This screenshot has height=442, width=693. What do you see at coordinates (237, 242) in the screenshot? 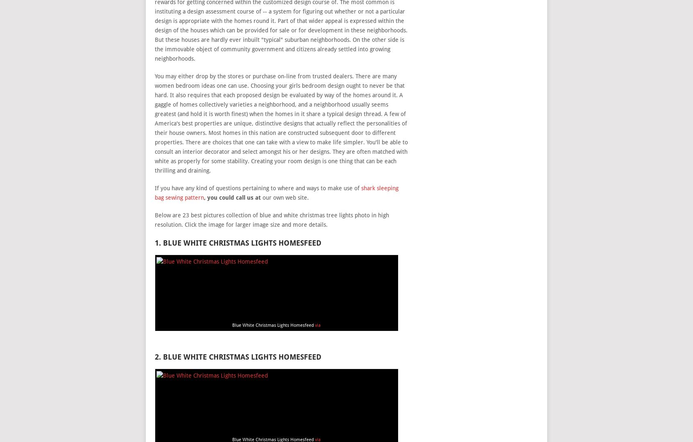
I see `'1. Blue White Christmas Lights Homesfeed'` at bounding box center [237, 242].